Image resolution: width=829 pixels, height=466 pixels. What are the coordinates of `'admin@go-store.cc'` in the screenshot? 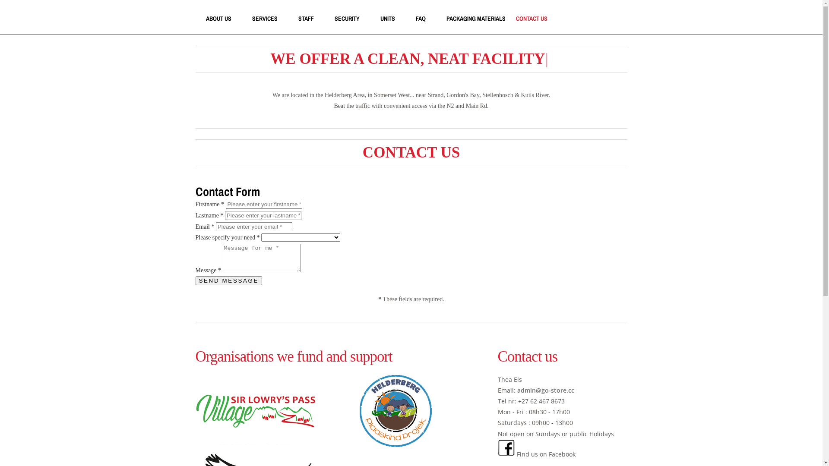 It's located at (545, 390).